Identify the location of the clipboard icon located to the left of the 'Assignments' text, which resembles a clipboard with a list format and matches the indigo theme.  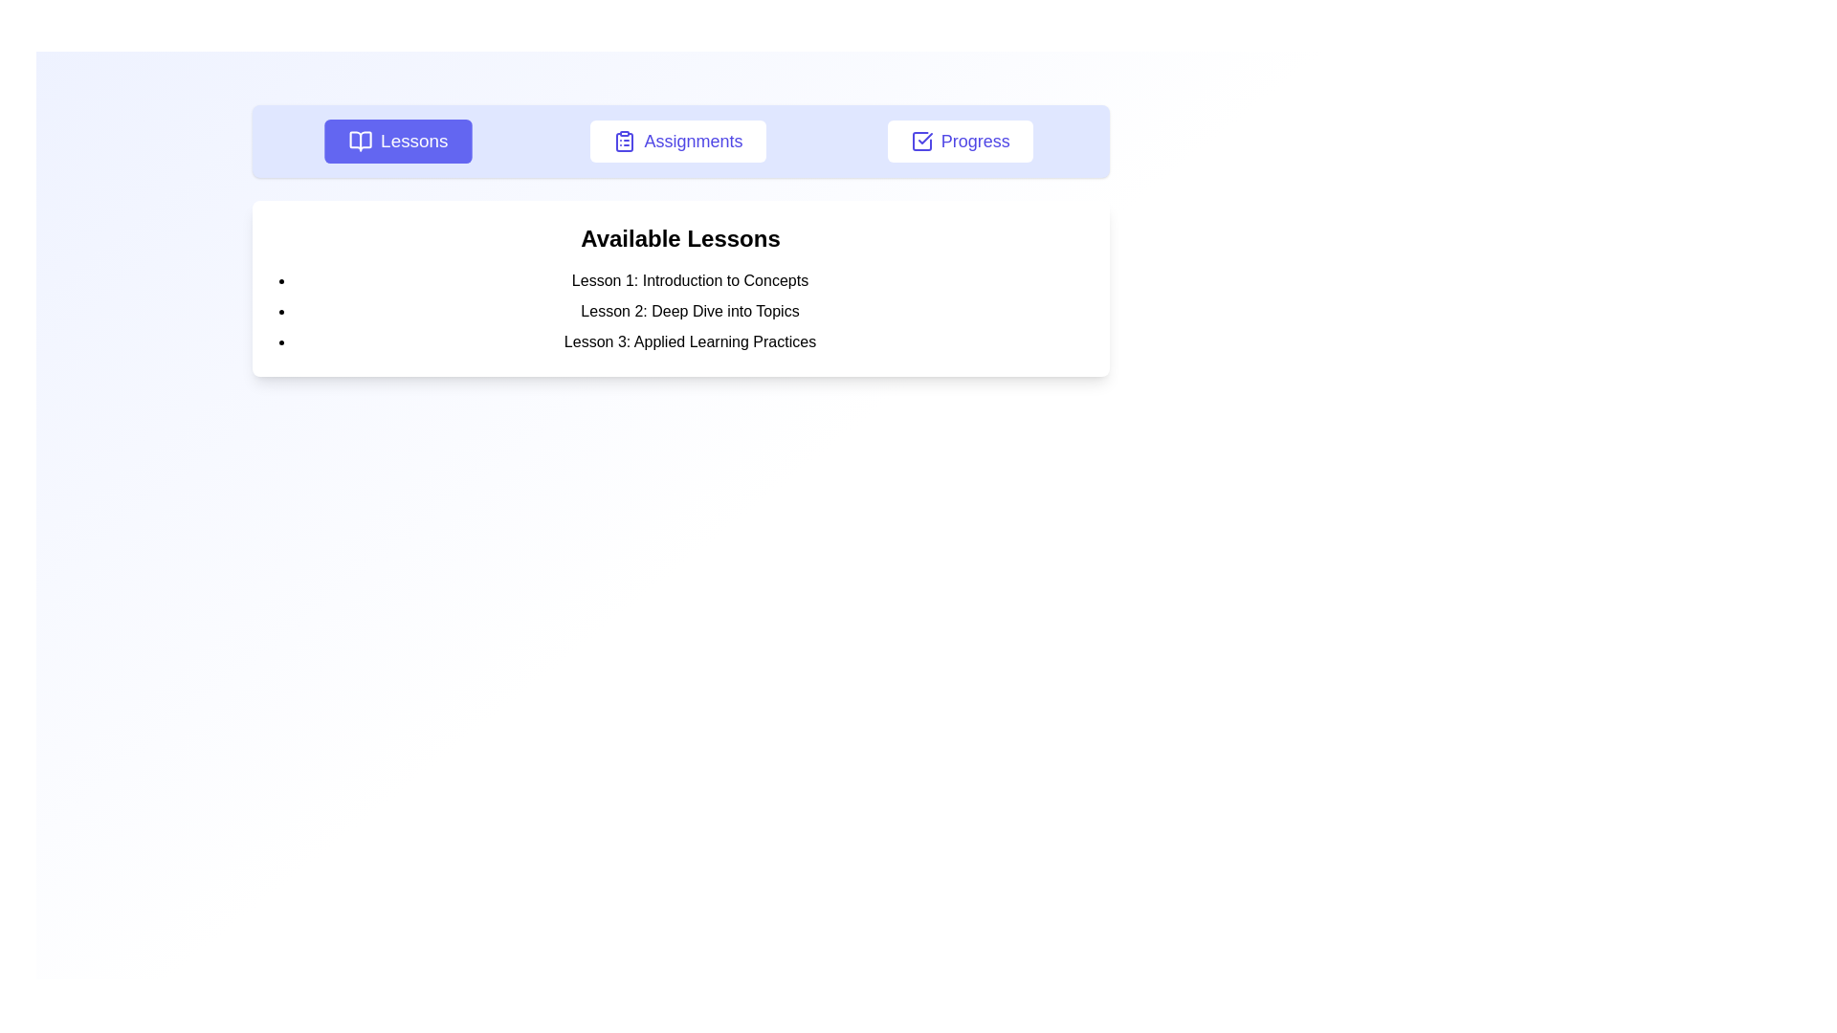
(625, 140).